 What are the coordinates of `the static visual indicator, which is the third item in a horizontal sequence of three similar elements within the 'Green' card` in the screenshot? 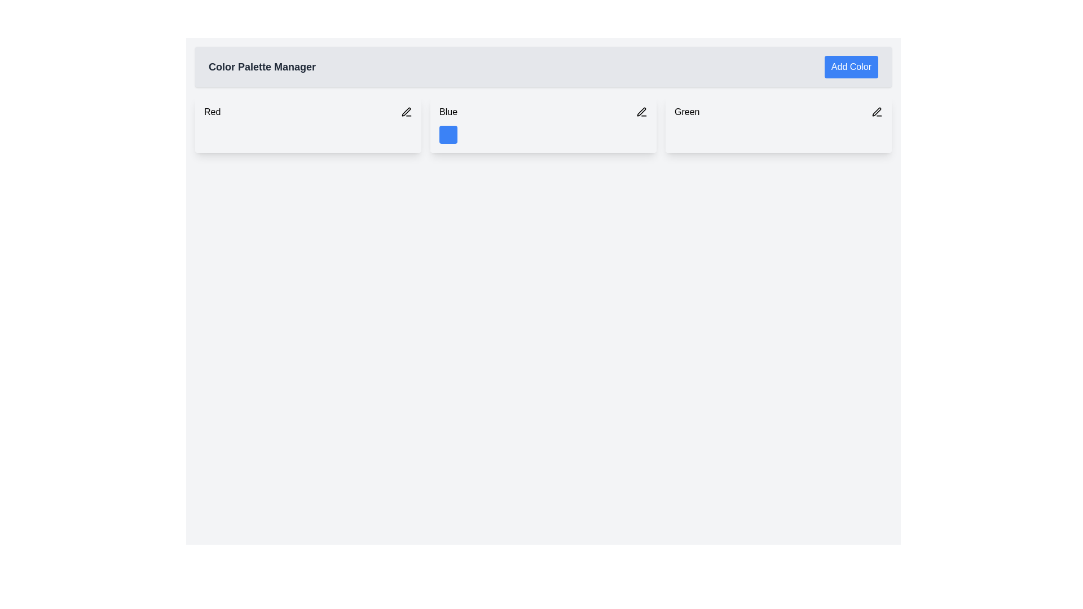 It's located at (728, 134).